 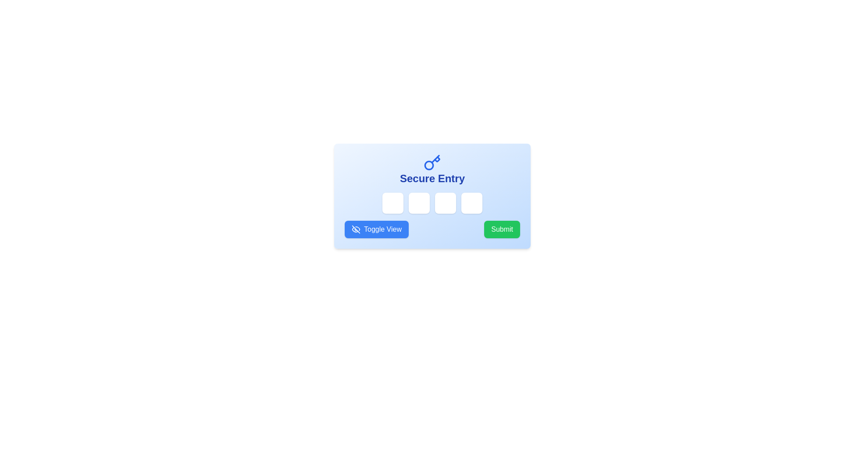 What do you see at coordinates (502, 229) in the screenshot?
I see `the green 'Submit' button with rounded corners` at bounding box center [502, 229].